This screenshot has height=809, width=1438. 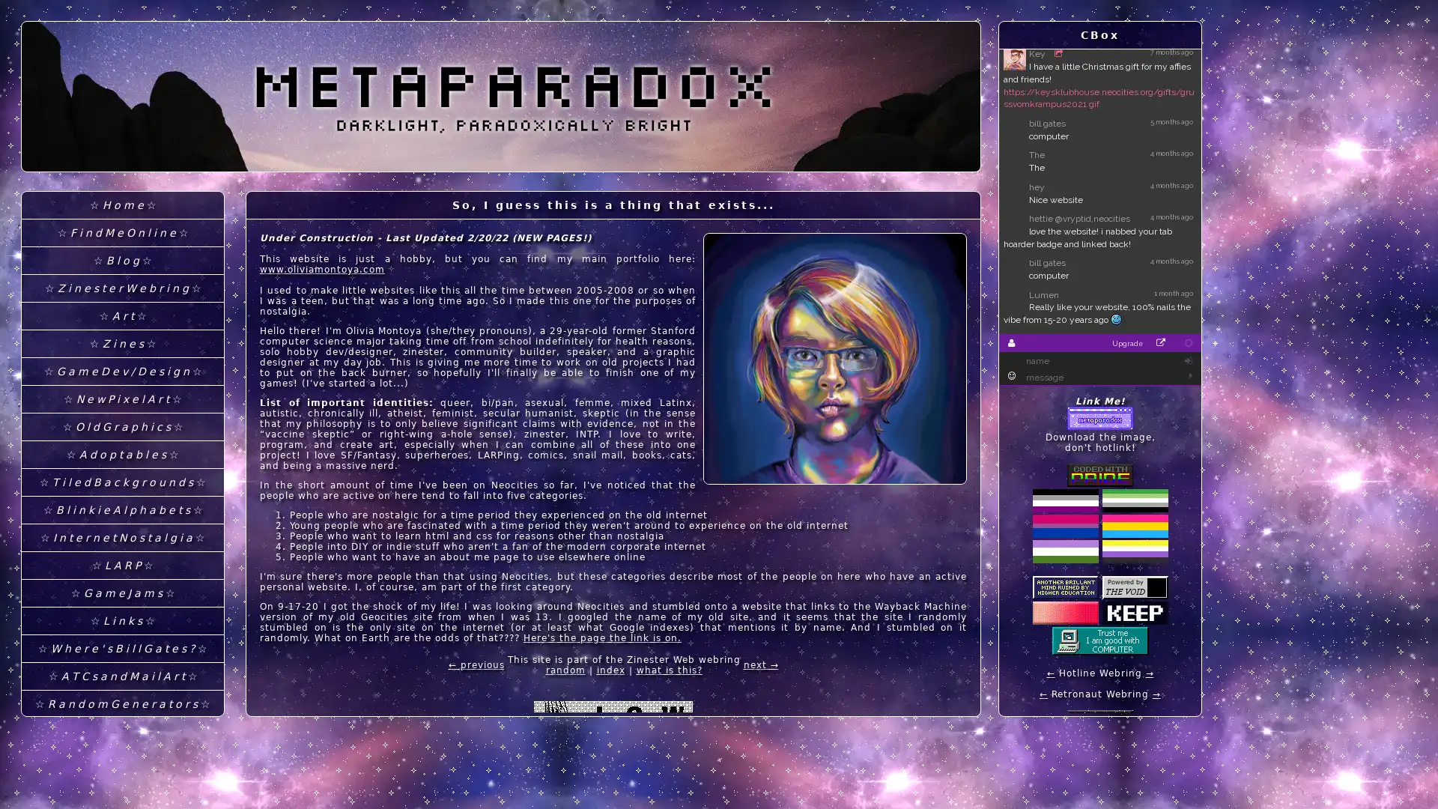 What do you see at coordinates (122, 482) in the screenshot?
I see `T i l e d B a c k g r o u n d s` at bounding box center [122, 482].